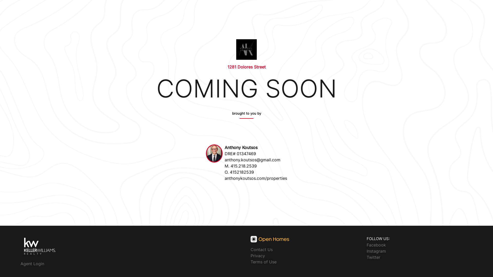  I want to click on 'Instagram', so click(376, 251).